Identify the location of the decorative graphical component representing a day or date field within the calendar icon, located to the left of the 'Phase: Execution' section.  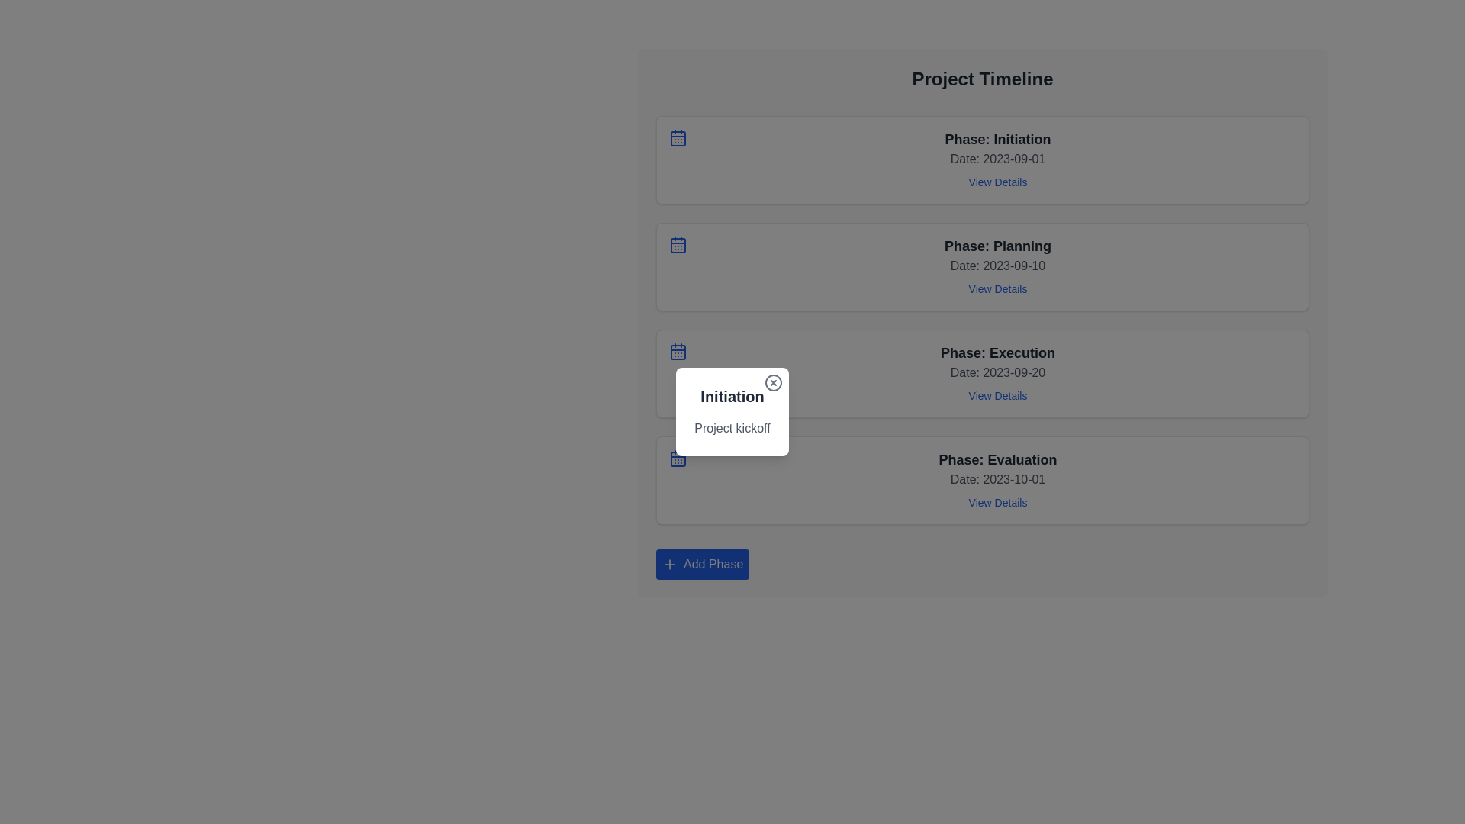
(677, 352).